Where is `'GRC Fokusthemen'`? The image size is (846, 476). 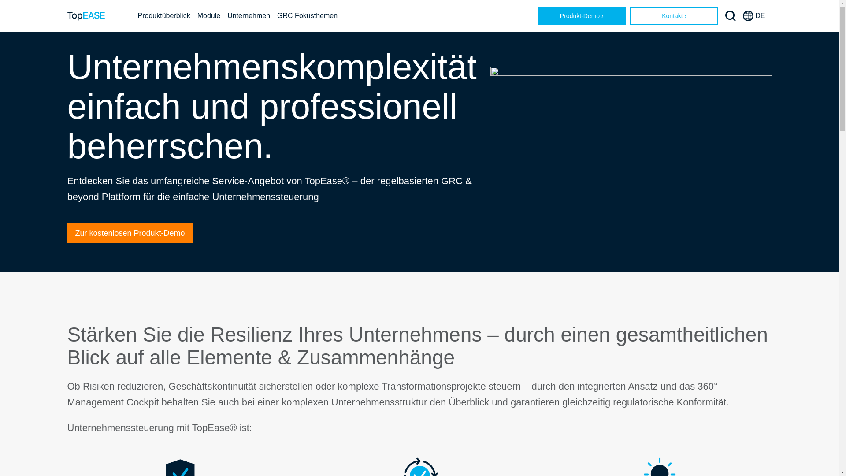
'GRC Fokusthemen' is located at coordinates (307, 15).